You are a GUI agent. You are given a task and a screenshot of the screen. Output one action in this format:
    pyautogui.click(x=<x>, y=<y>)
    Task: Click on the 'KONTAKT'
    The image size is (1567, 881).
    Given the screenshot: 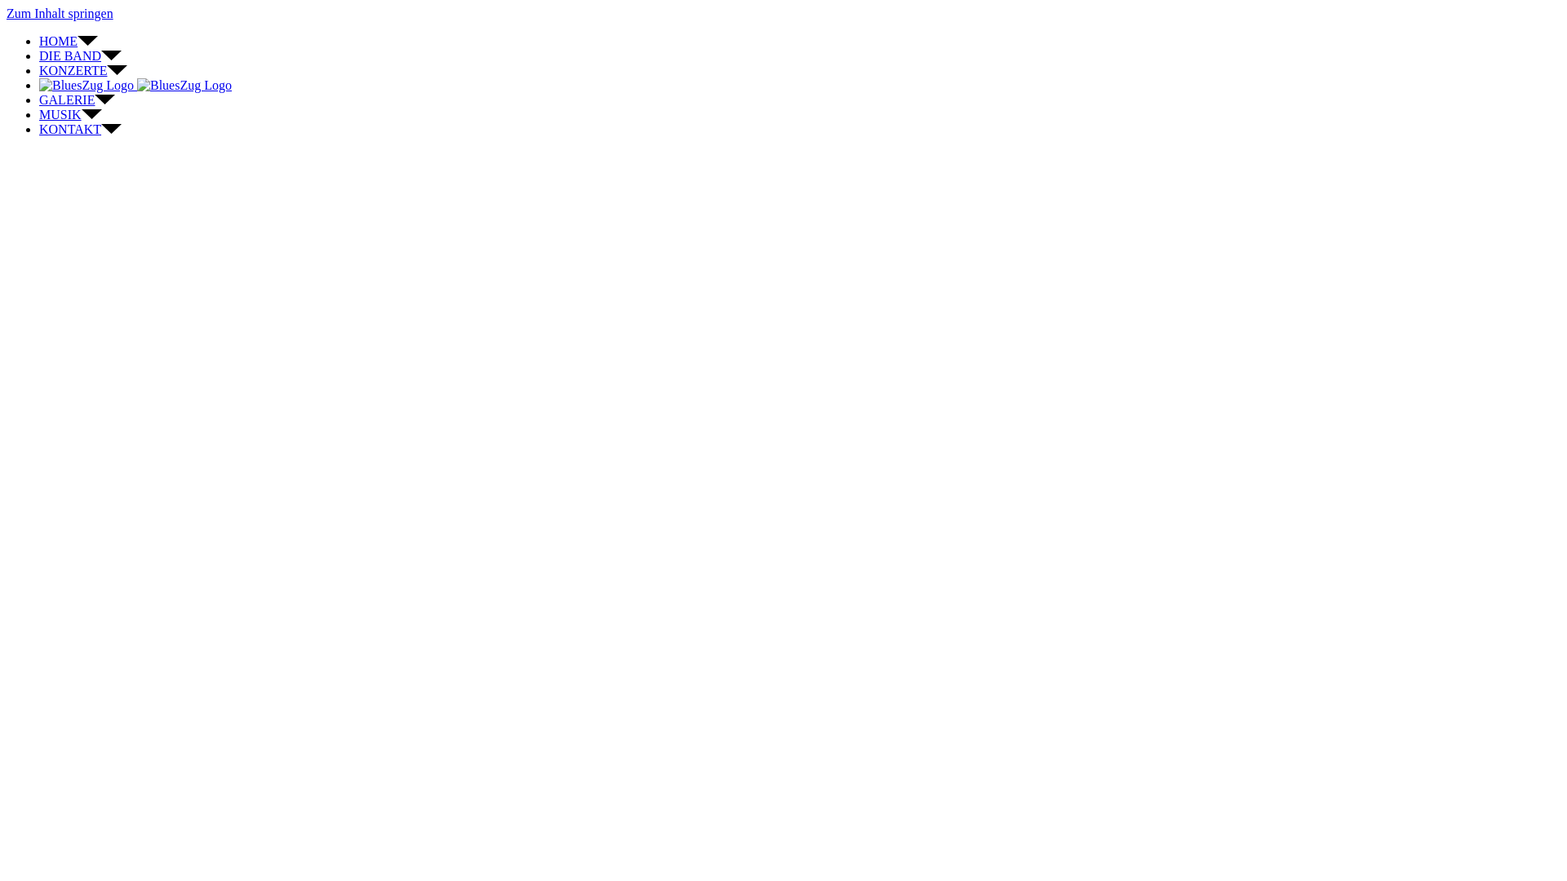 What is the action you would take?
    pyautogui.click(x=79, y=128)
    